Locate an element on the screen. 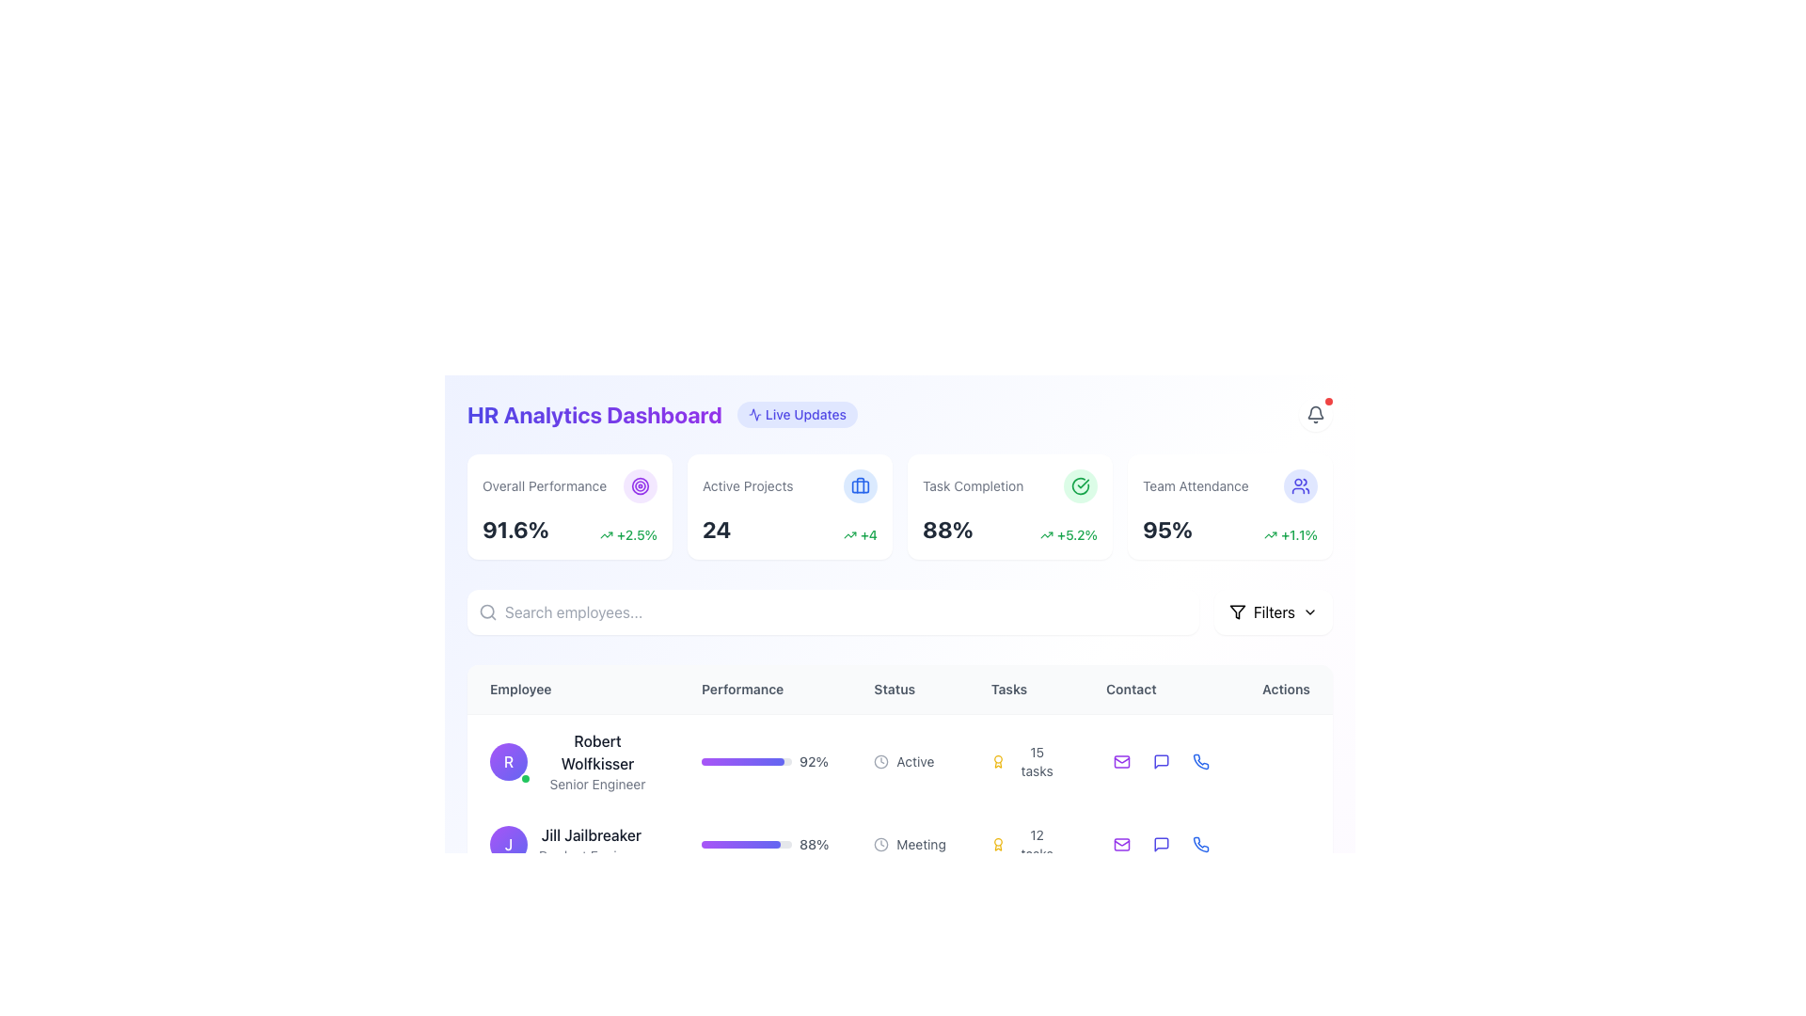 This screenshot has height=1016, width=1806. trend indicator from the Statistical display component located in the 'Overall Performance' section at the bottom of the grid is located at coordinates (568, 530).